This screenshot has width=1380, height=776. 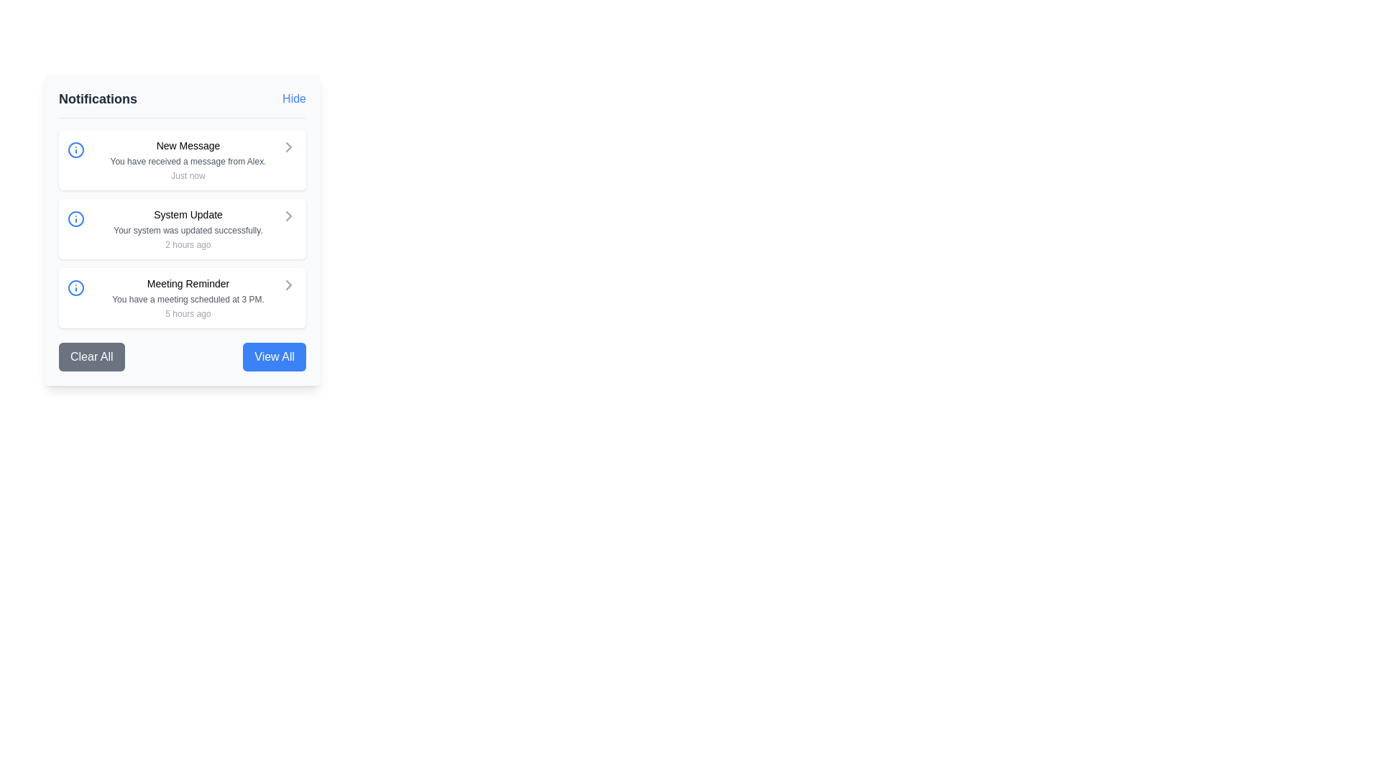 What do you see at coordinates (275, 356) in the screenshot?
I see `the notification button located in the bottom-right corner of the panel` at bounding box center [275, 356].